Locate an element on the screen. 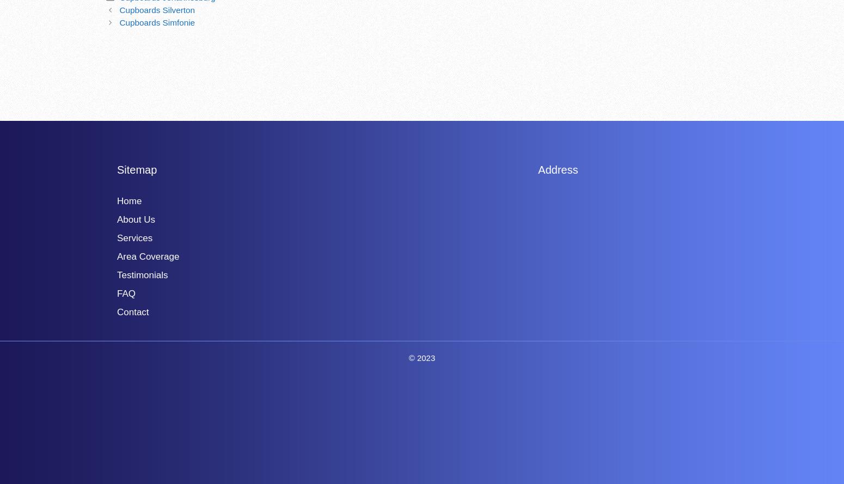 This screenshot has width=844, height=484. 'Address' is located at coordinates (558, 169).